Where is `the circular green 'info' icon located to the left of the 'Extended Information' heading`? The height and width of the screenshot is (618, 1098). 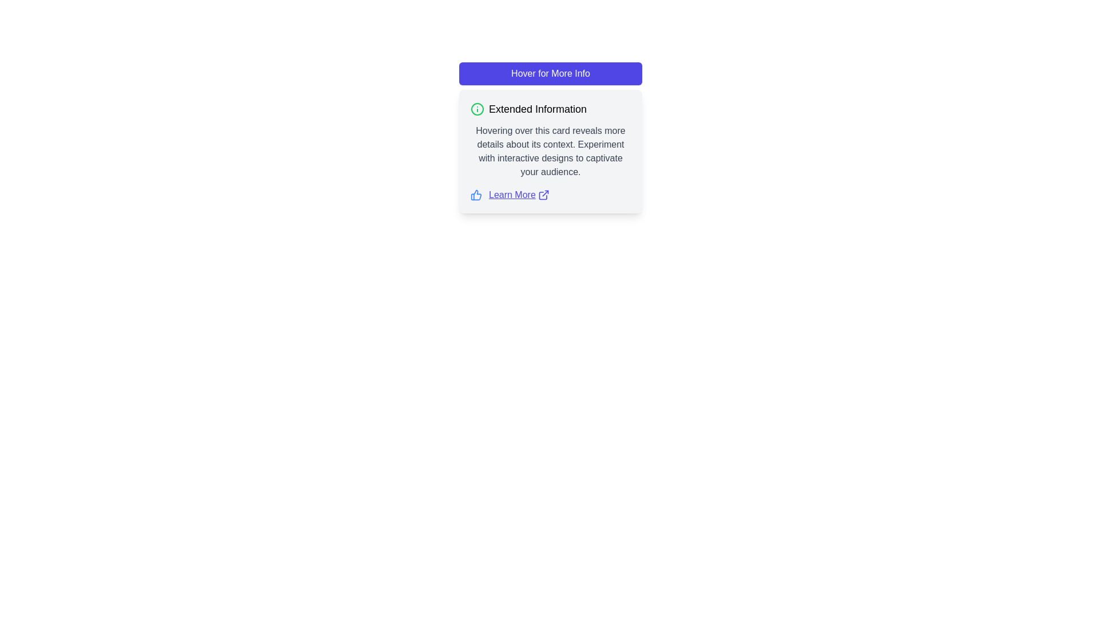 the circular green 'info' icon located to the left of the 'Extended Information' heading is located at coordinates (478, 109).